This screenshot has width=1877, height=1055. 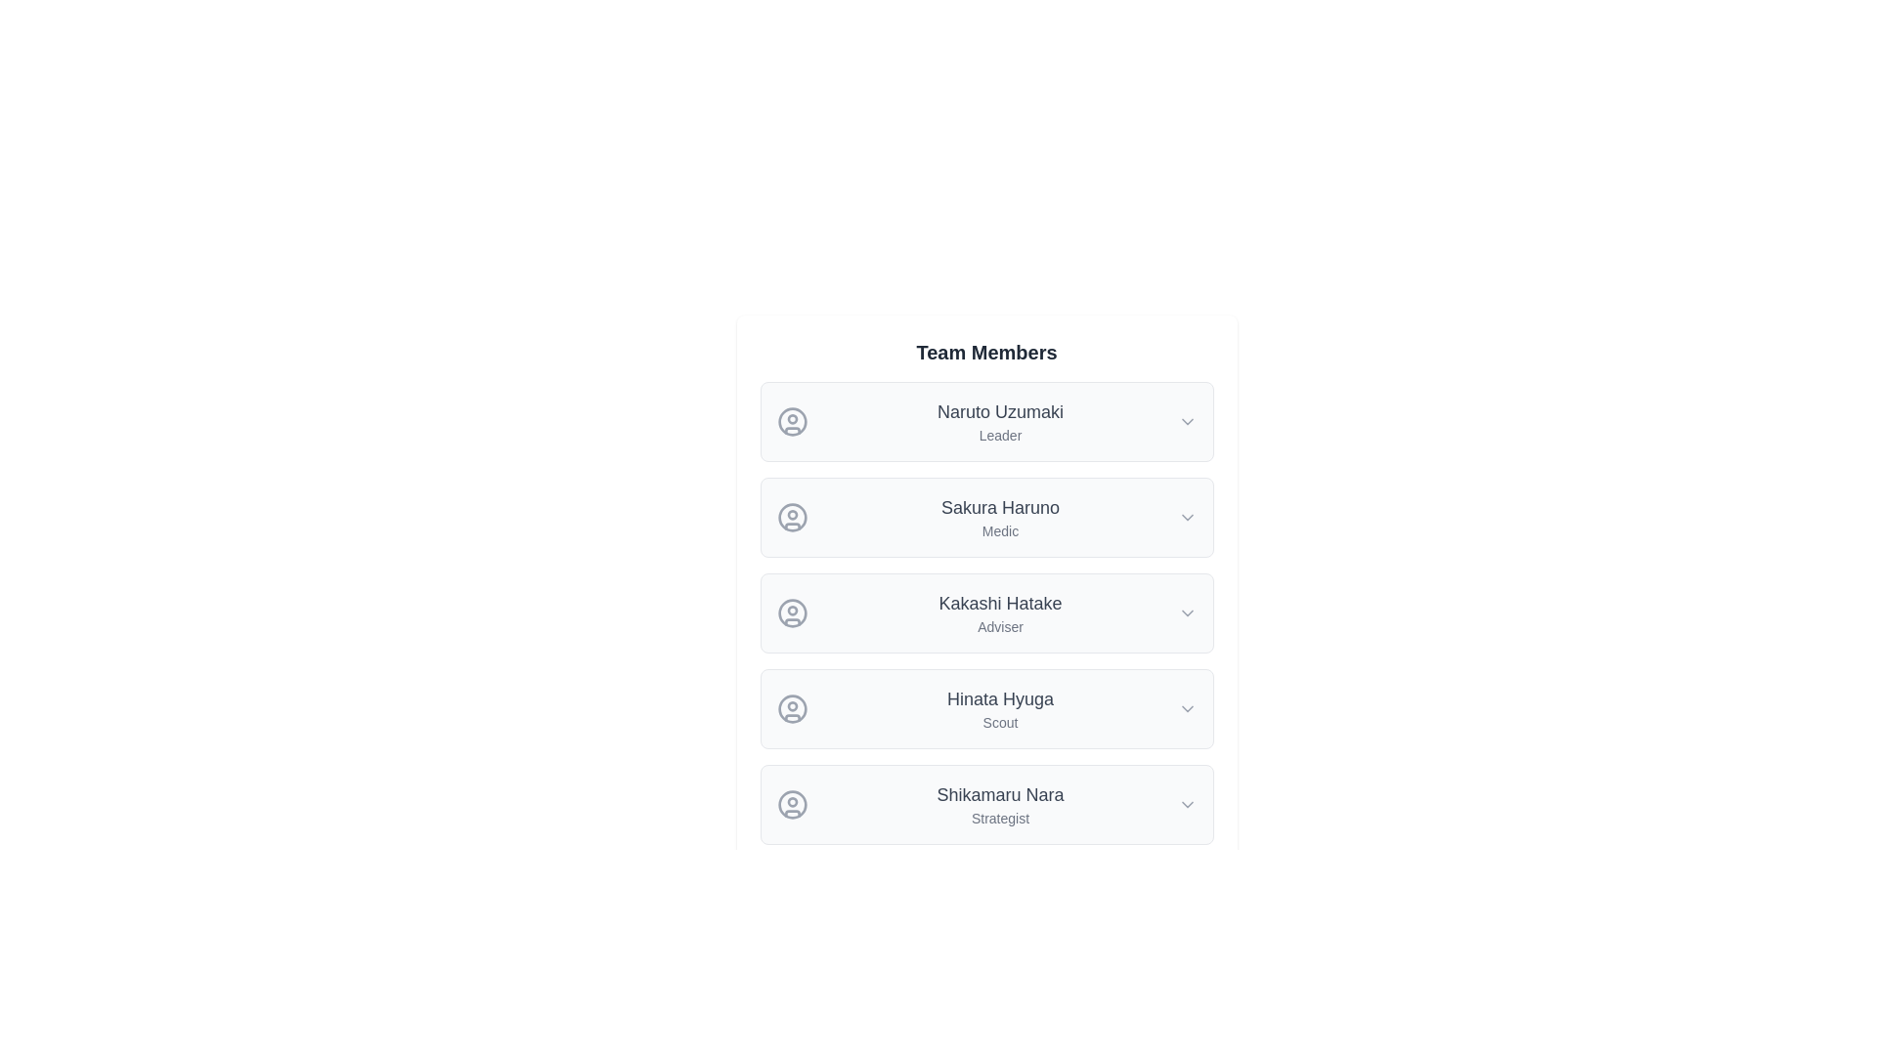 I want to click on the first Expandable List Item for 'Naruto Uzumaki', so click(x=986, y=421).